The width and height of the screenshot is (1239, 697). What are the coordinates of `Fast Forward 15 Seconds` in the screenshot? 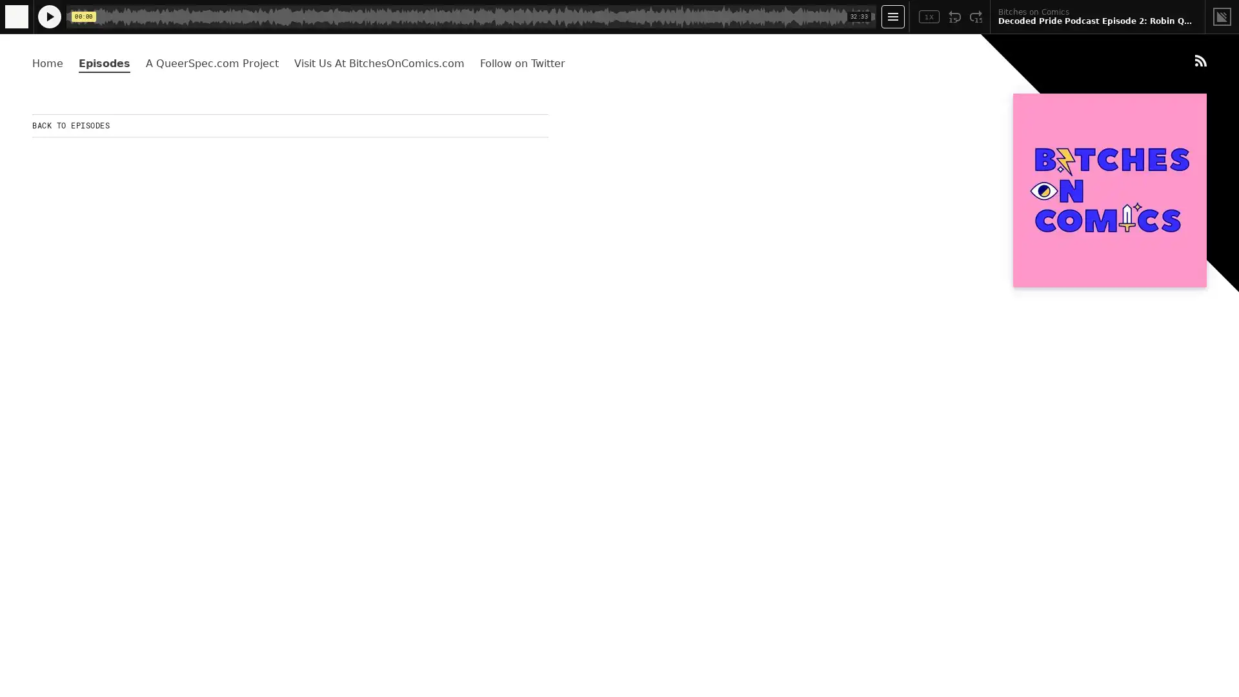 It's located at (976, 17).